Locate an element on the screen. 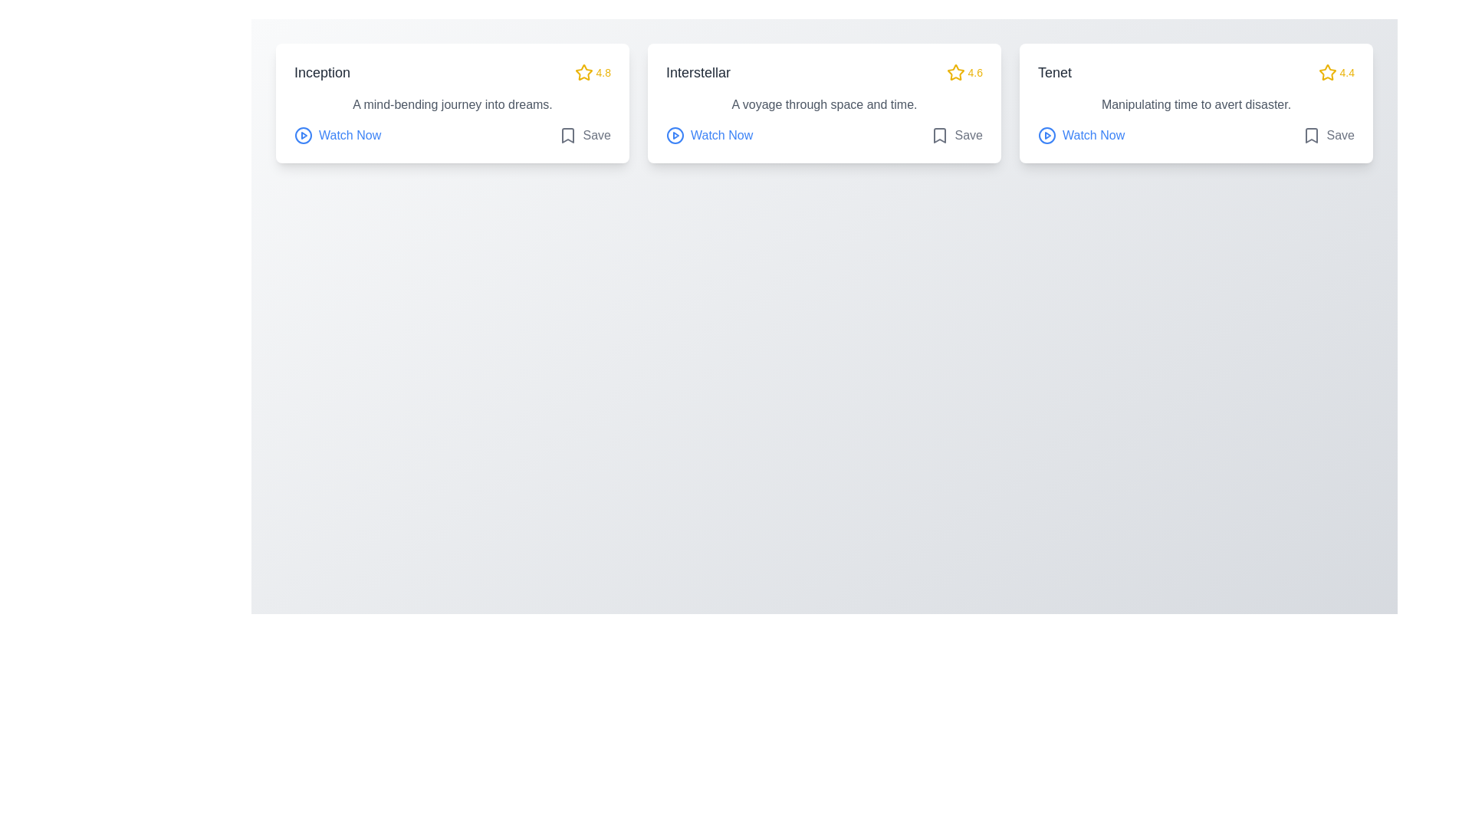  the star-shaped SVG icon located in the top-right corner of the 'Interstellar' card, which is outlined in yellow and precedes the numeric rating '4.6' is located at coordinates (955, 72).